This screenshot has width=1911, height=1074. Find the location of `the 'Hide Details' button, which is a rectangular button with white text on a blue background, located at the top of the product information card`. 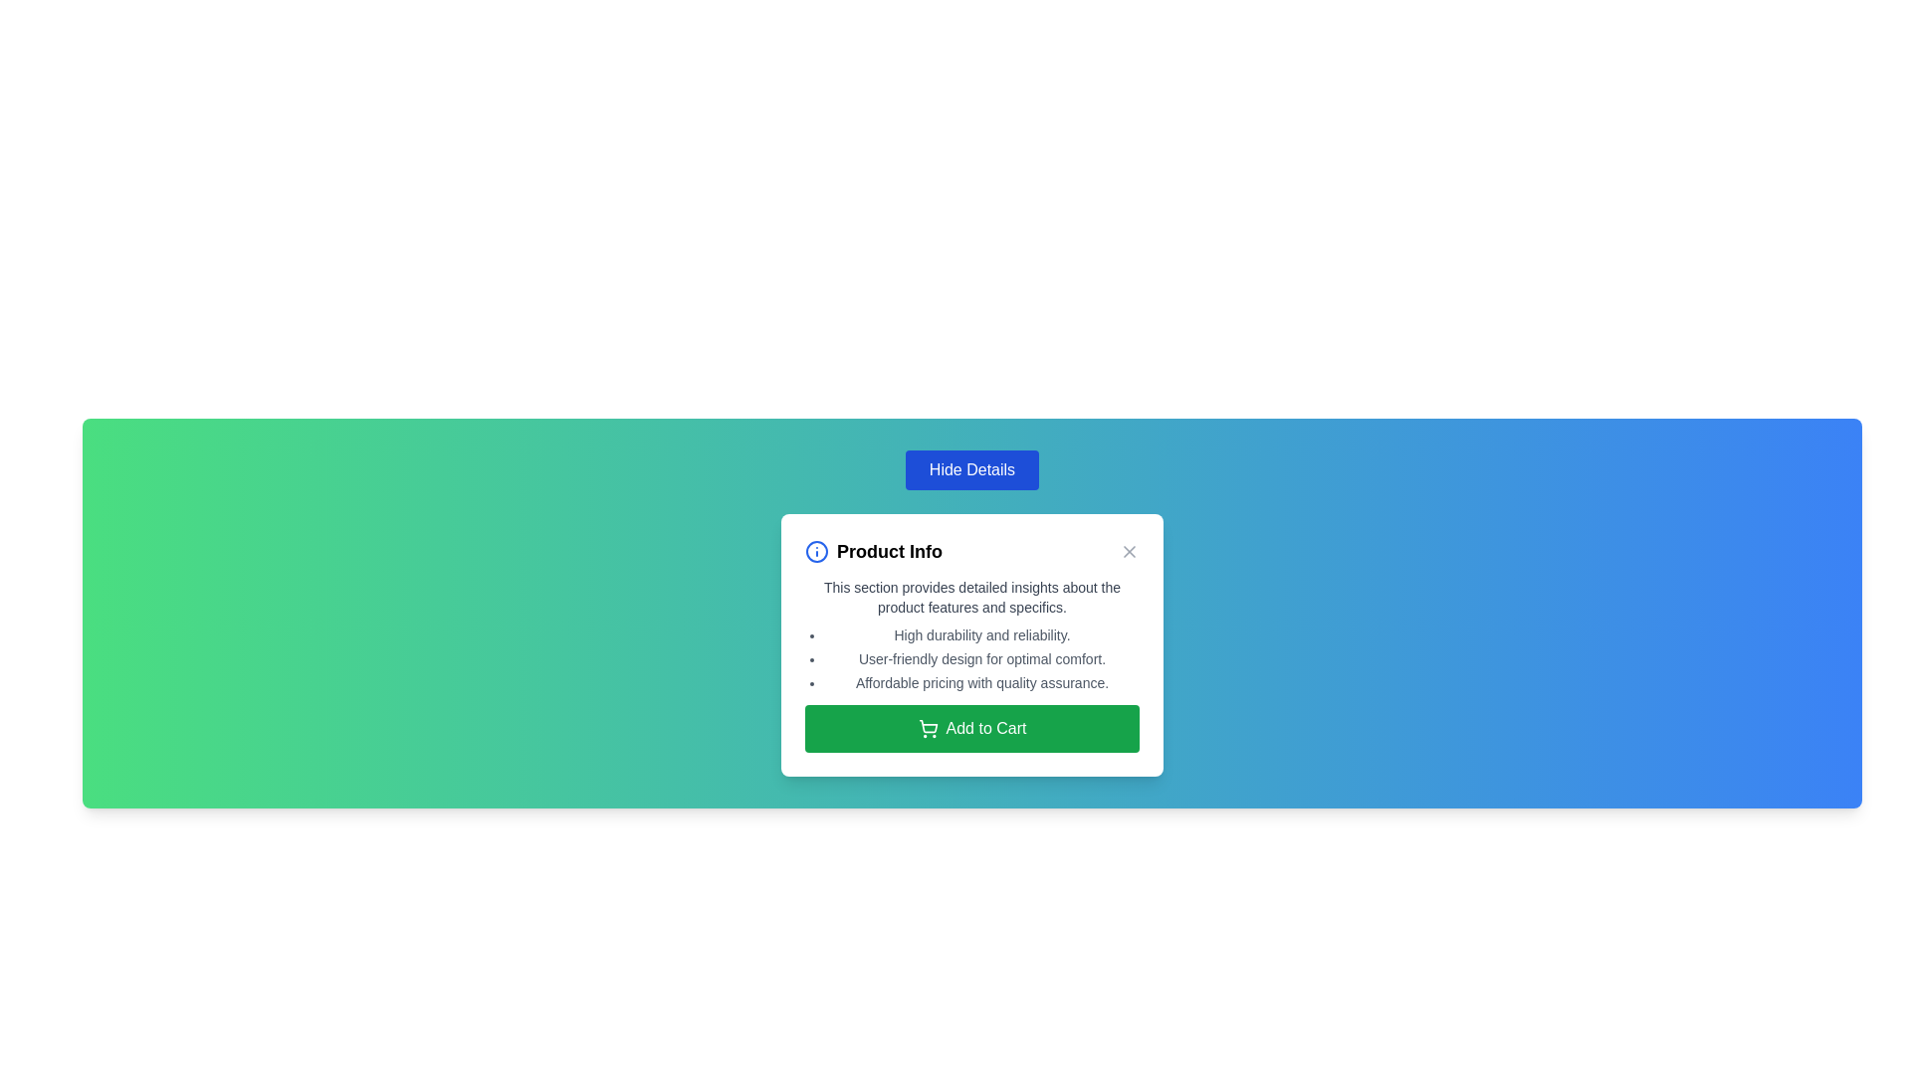

the 'Hide Details' button, which is a rectangular button with white text on a blue background, located at the top of the product information card is located at coordinates (971, 470).